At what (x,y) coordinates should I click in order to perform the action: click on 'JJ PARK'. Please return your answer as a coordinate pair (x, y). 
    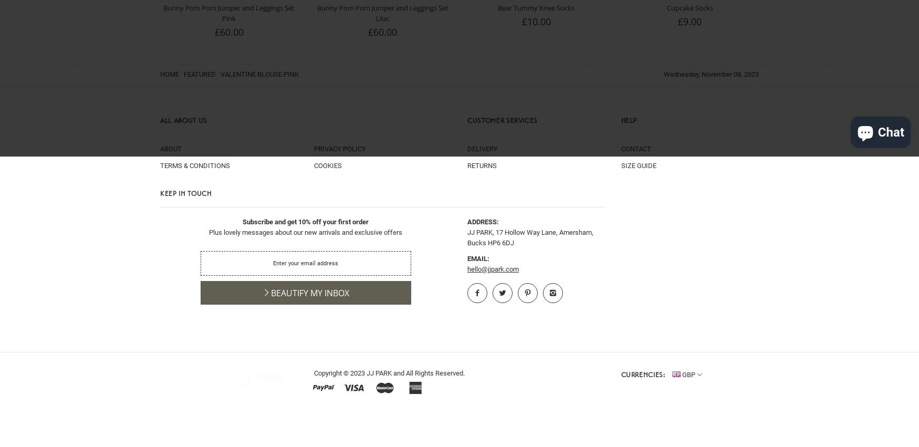
    Looking at the image, I should click on (379, 372).